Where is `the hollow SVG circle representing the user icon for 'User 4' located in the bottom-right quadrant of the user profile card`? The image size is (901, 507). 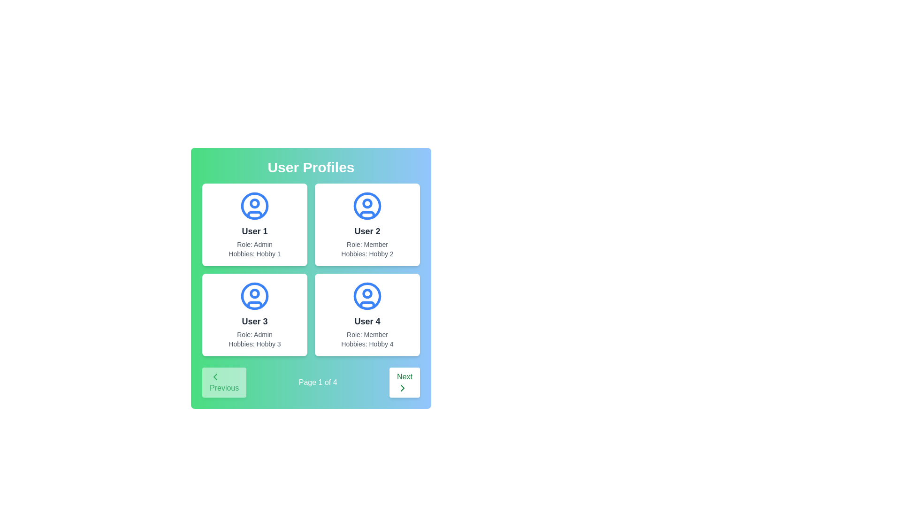
the hollow SVG circle representing the user icon for 'User 4' located in the bottom-right quadrant of the user profile card is located at coordinates (367, 296).